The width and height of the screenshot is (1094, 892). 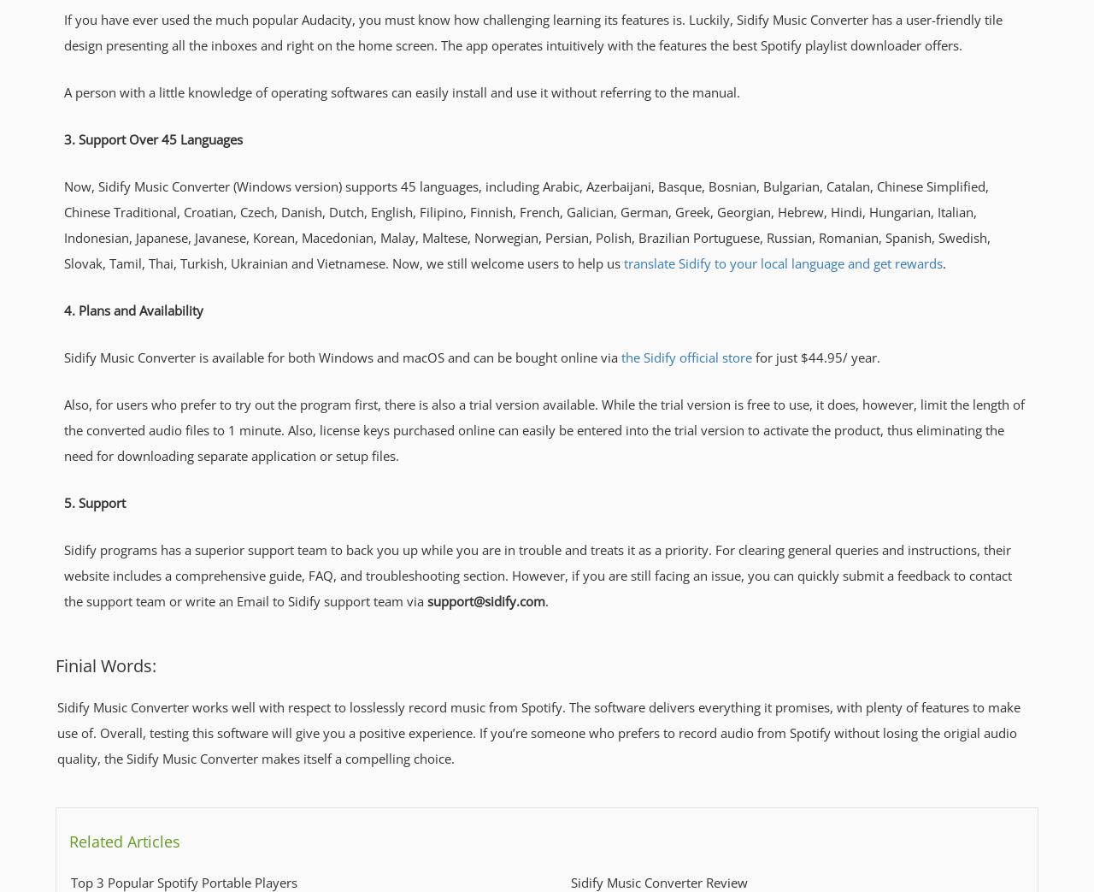 What do you see at coordinates (69, 882) in the screenshot?
I see `'Top 3 Popular Spotify Portable Players'` at bounding box center [69, 882].